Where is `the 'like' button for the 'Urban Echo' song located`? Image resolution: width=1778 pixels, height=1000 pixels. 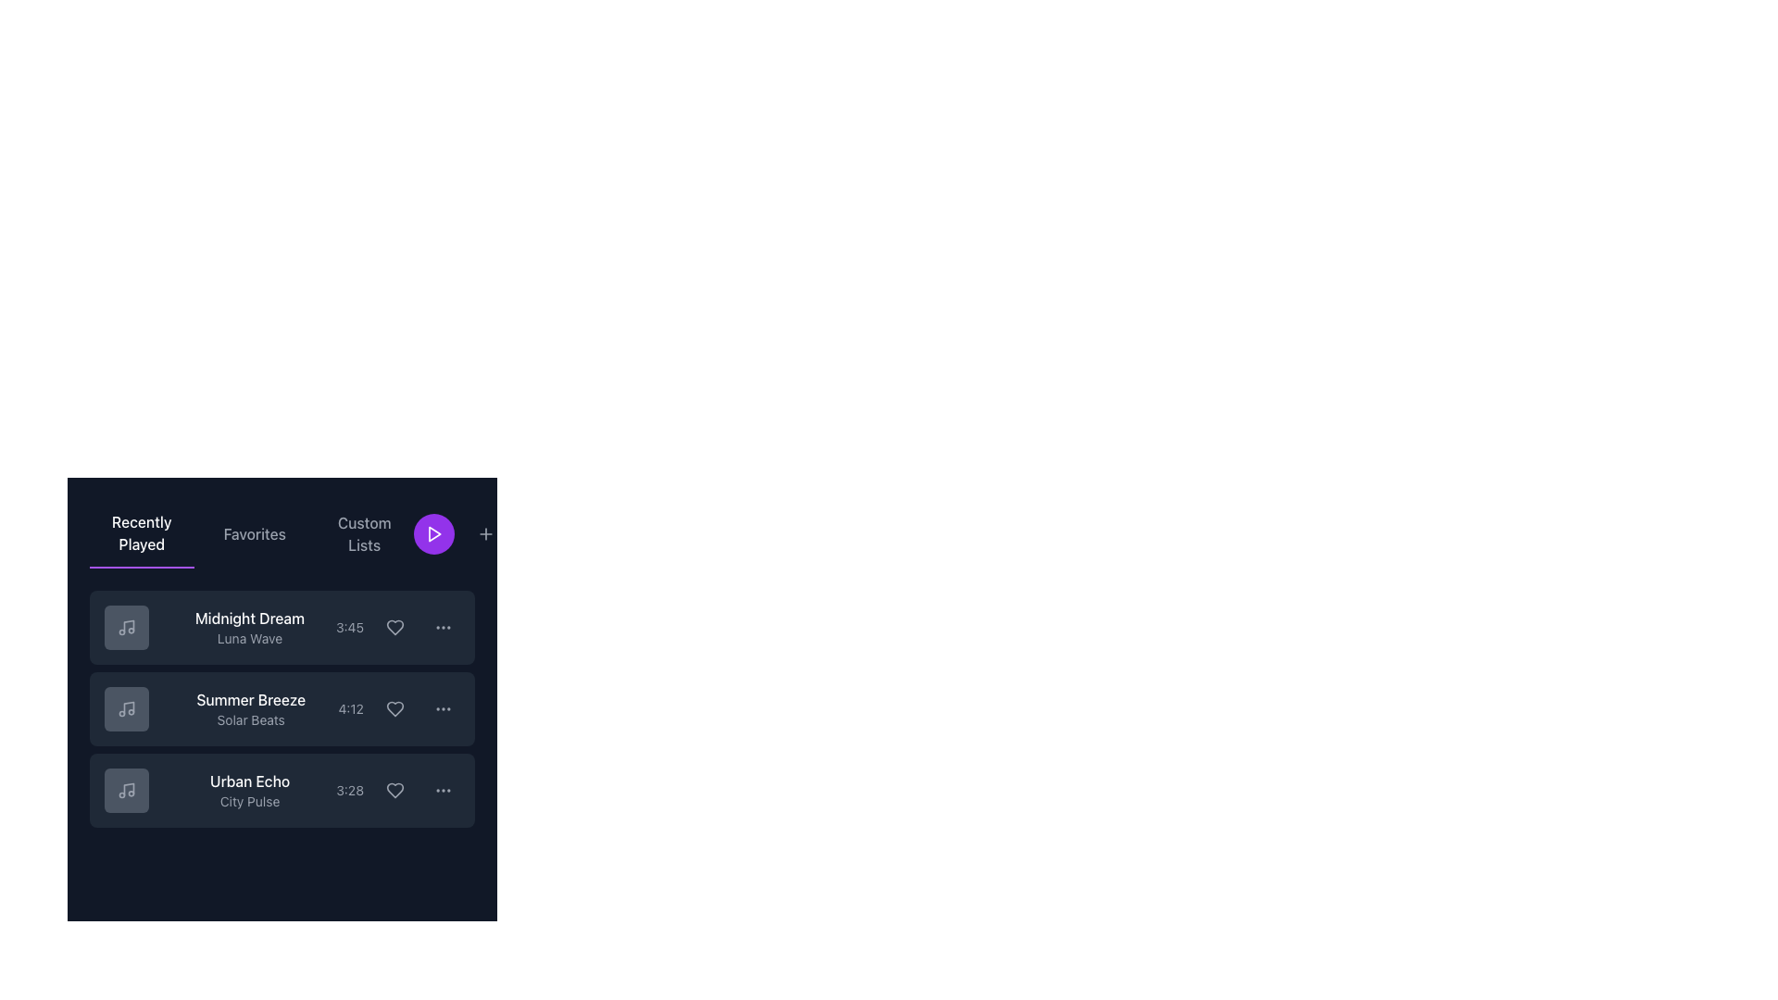
the 'like' button for the 'Urban Echo' song located is located at coordinates (394, 790).